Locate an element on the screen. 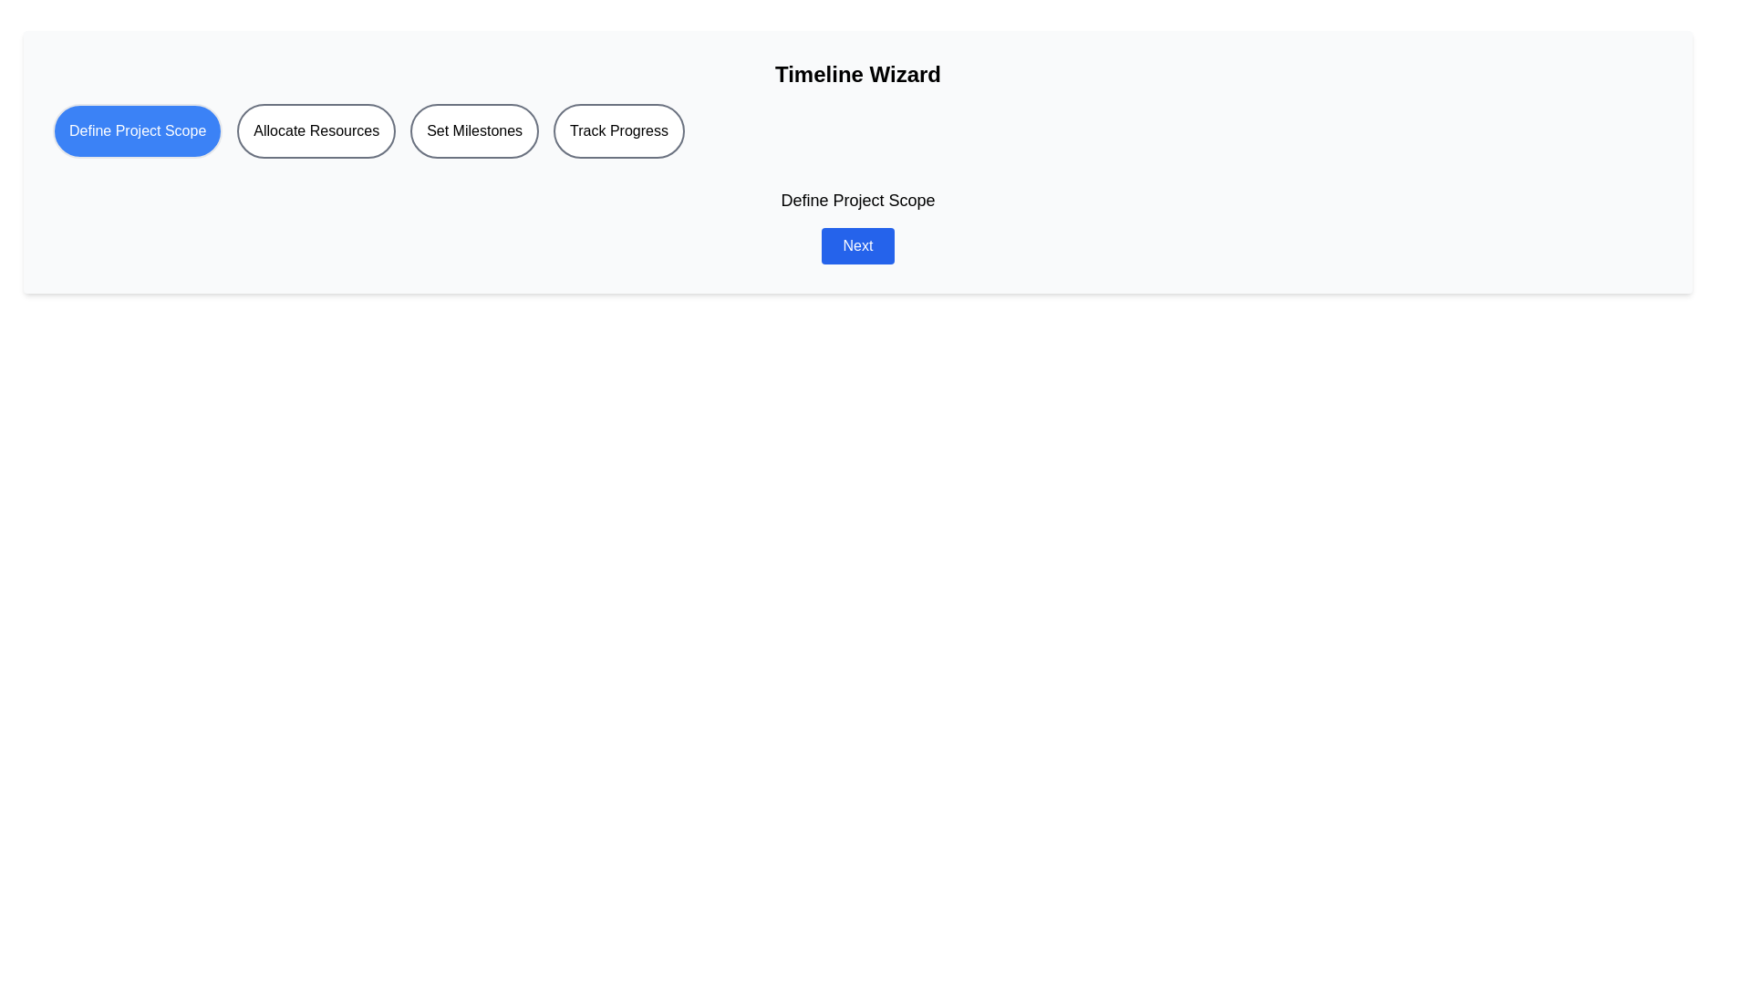 This screenshot has height=985, width=1751. the step labeled Allocate Resources to select it is located at coordinates (316, 130).